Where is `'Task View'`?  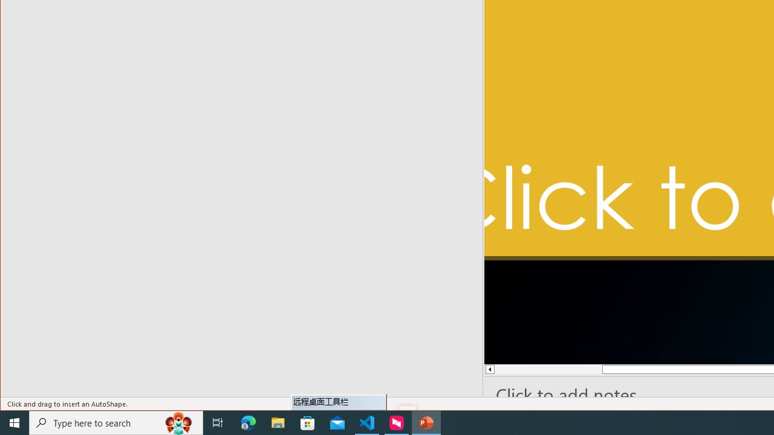 'Task View' is located at coordinates (217, 422).